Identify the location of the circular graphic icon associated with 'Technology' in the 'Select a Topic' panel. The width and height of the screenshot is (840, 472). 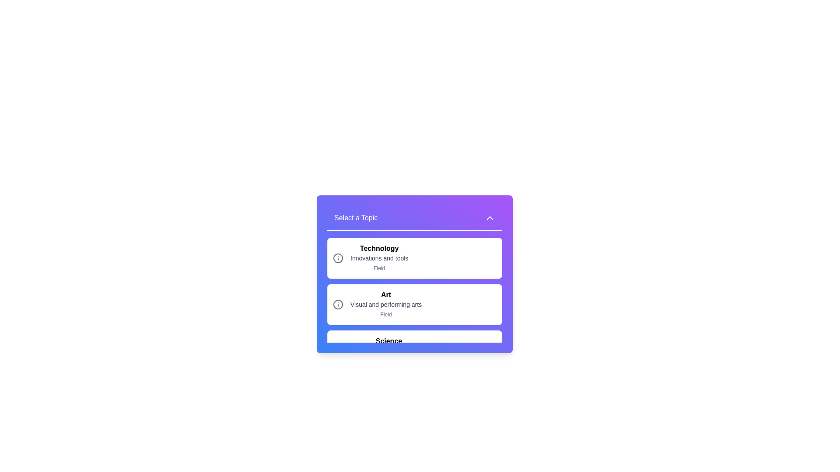
(337, 257).